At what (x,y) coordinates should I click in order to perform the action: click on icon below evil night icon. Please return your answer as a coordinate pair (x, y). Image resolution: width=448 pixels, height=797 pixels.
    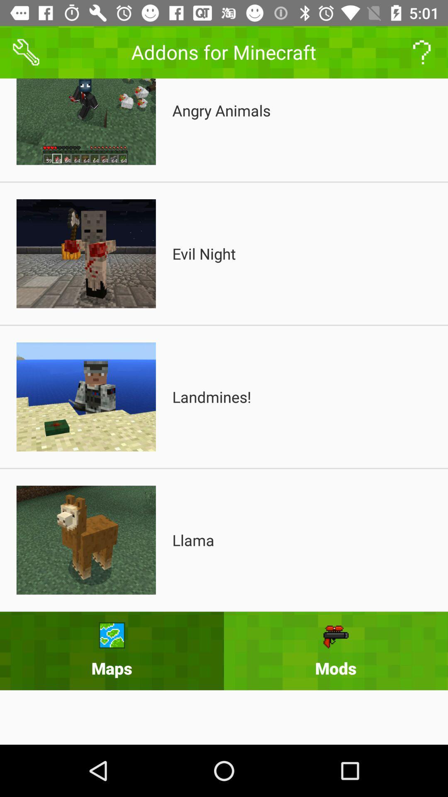
    Looking at the image, I should click on (211, 396).